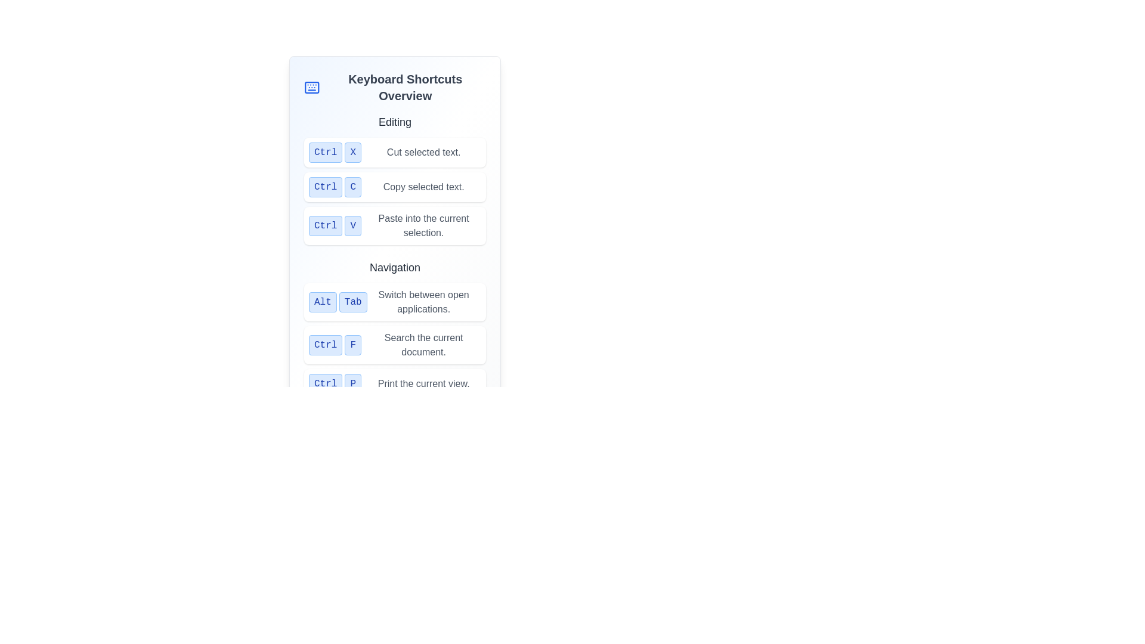  I want to click on the 'V' key representation in the keyboard shortcut combination, which is located directly under 'Ctrl C' and above the 'Navigation' section, so click(352, 225).